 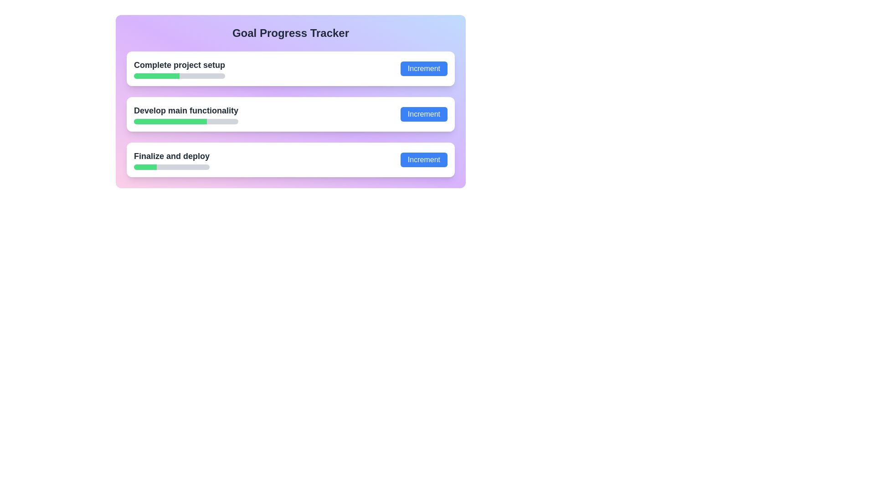 What do you see at coordinates (423, 113) in the screenshot?
I see `the increment button located to the right of the progress bar and the text label 'Develop main functionality'` at bounding box center [423, 113].